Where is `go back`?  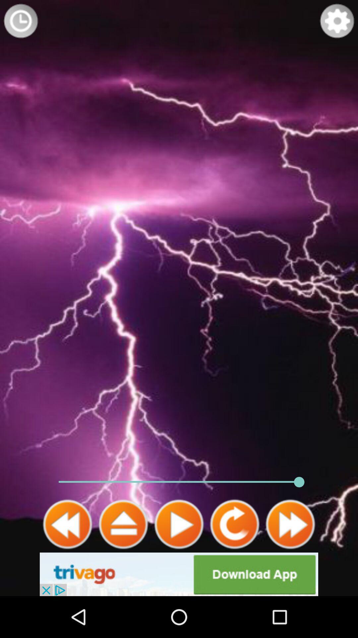 go back is located at coordinates (68, 524).